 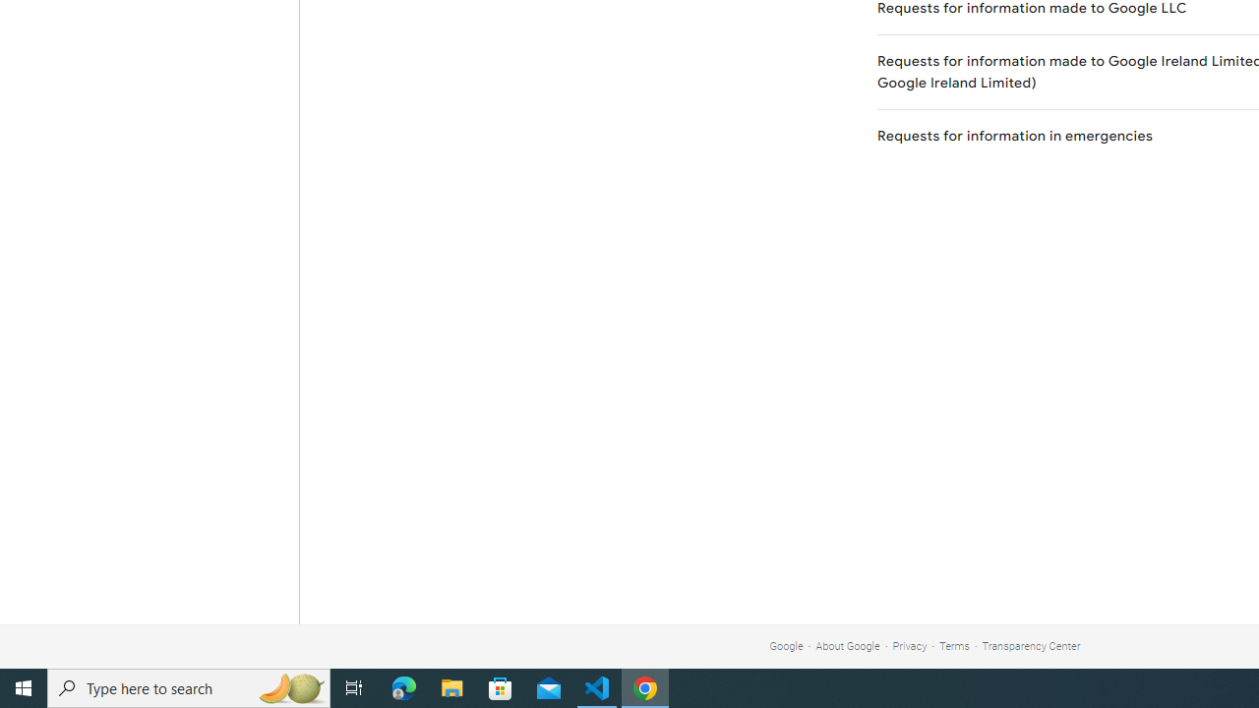 What do you see at coordinates (1030, 646) in the screenshot?
I see `'Transparency Center'` at bounding box center [1030, 646].